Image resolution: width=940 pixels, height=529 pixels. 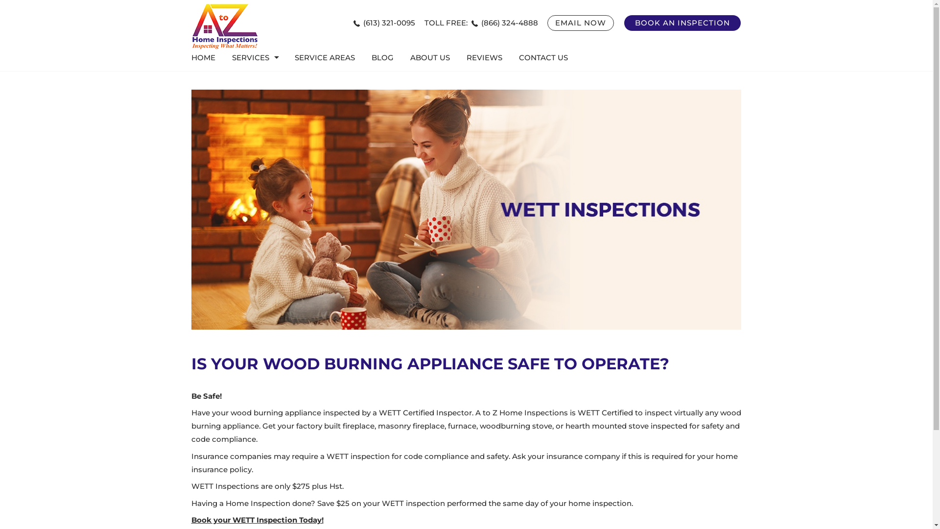 What do you see at coordinates (505, 22) in the screenshot?
I see `'(866) 324-4888'` at bounding box center [505, 22].